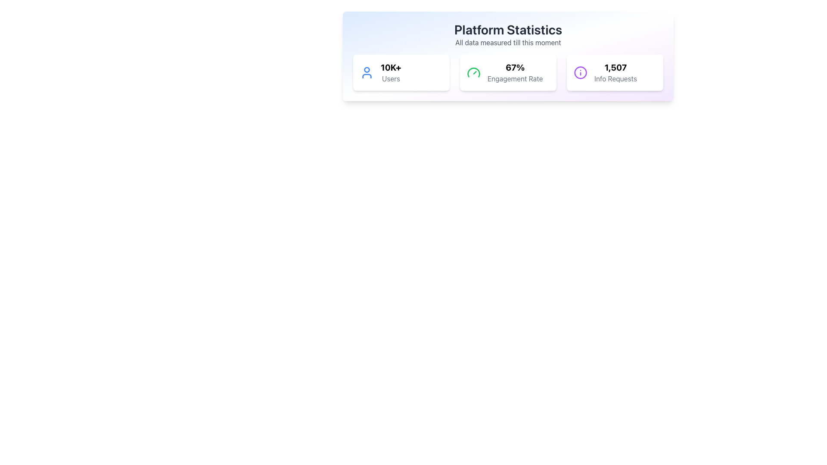 The image size is (827, 465). Describe the element at coordinates (508, 29) in the screenshot. I see `the text element displaying 'Platform Statistics', which is styled with bold, large-sized font and dark gray color, positioned near the top of the statistics section` at that location.